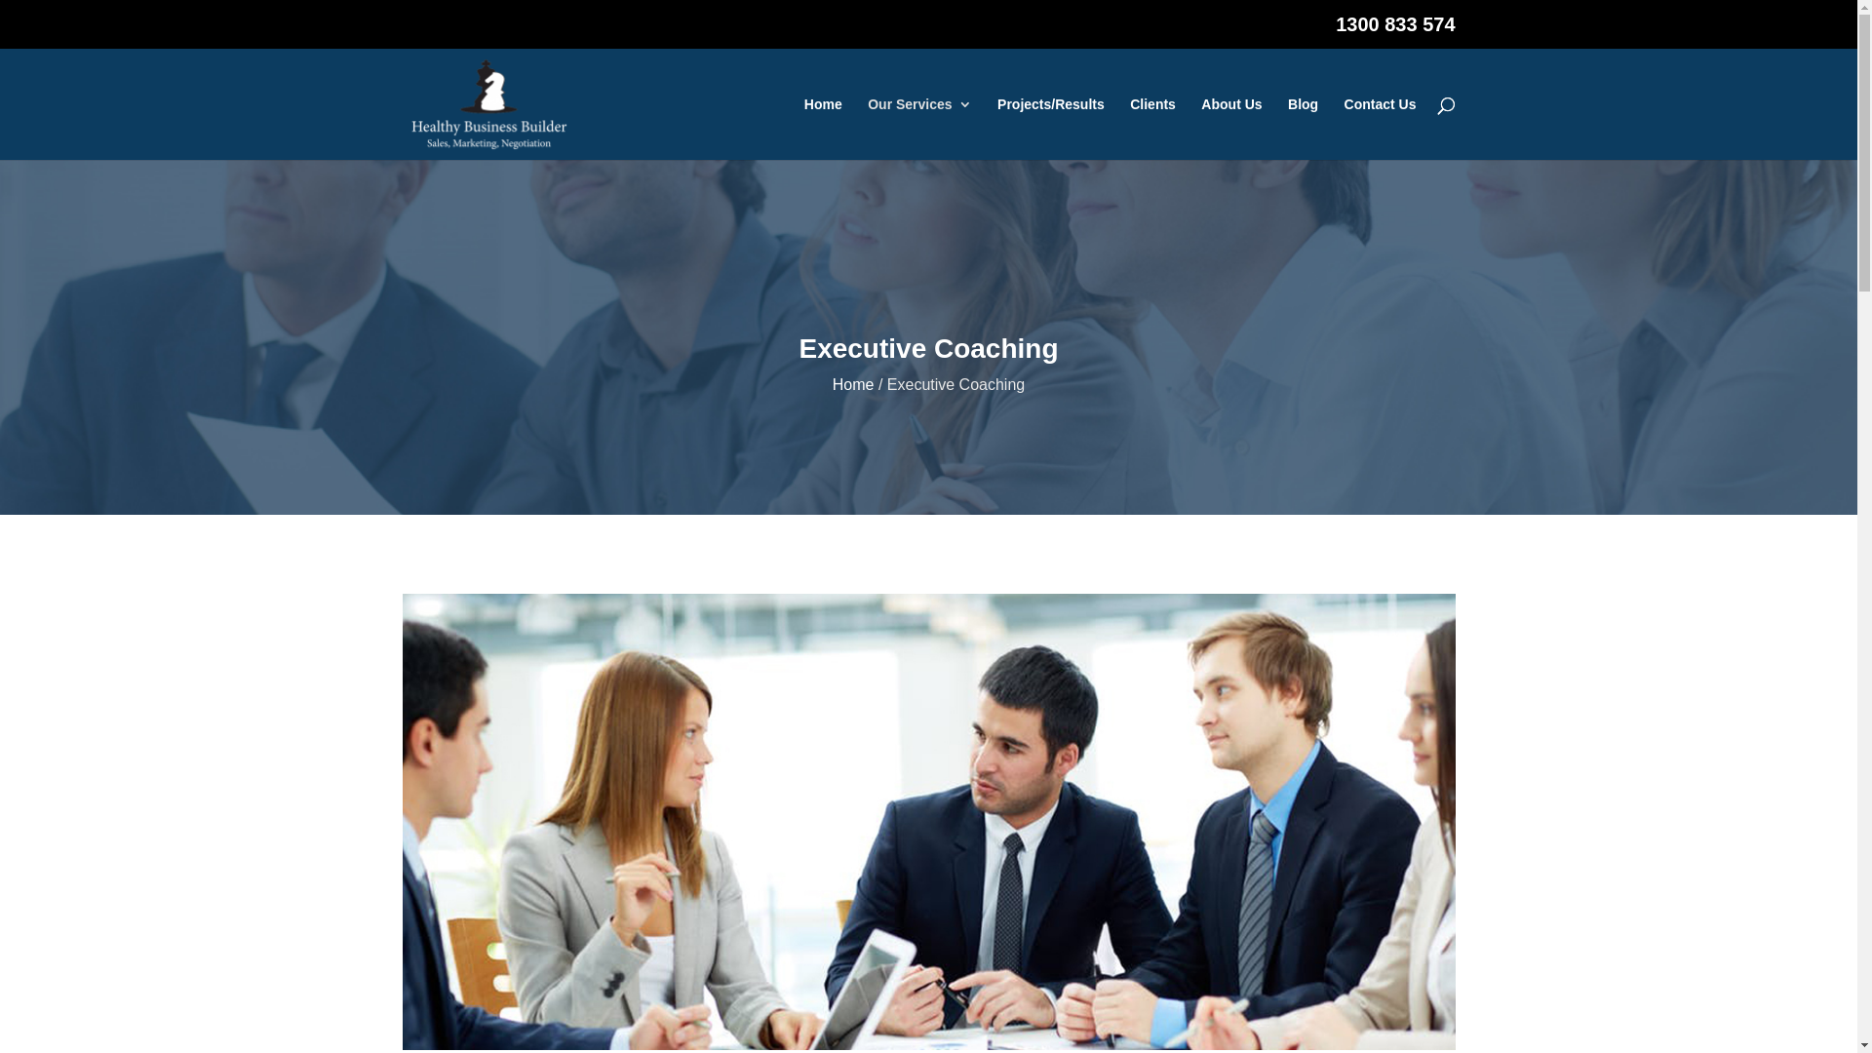 The width and height of the screenshot is (1872, 1053). Describe the element at coordinates (1152, 128) in the screenshot. I see `'Clients'` at that location.